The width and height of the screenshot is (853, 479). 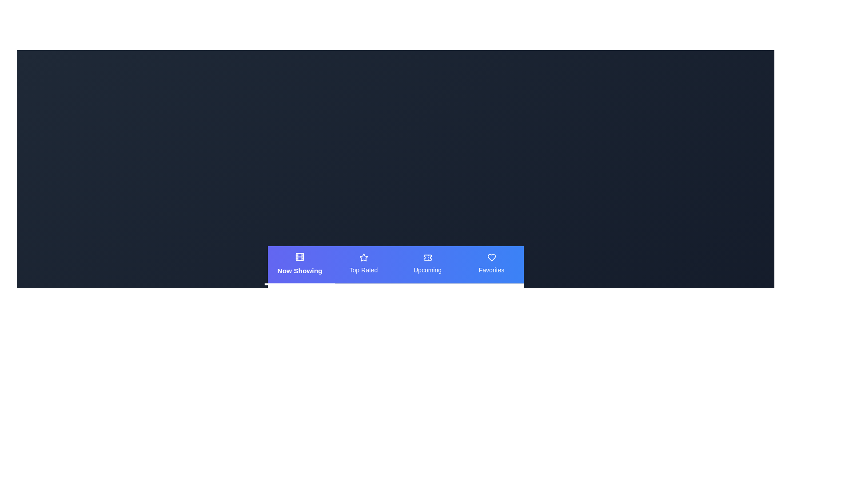 What do you see at coordinates (491, 269) in the screenshot?
I see `the 'Favorites' text label located in the rightmost section of the navigation bar, positioned below the heart icon` at bounding box center [491, 269].